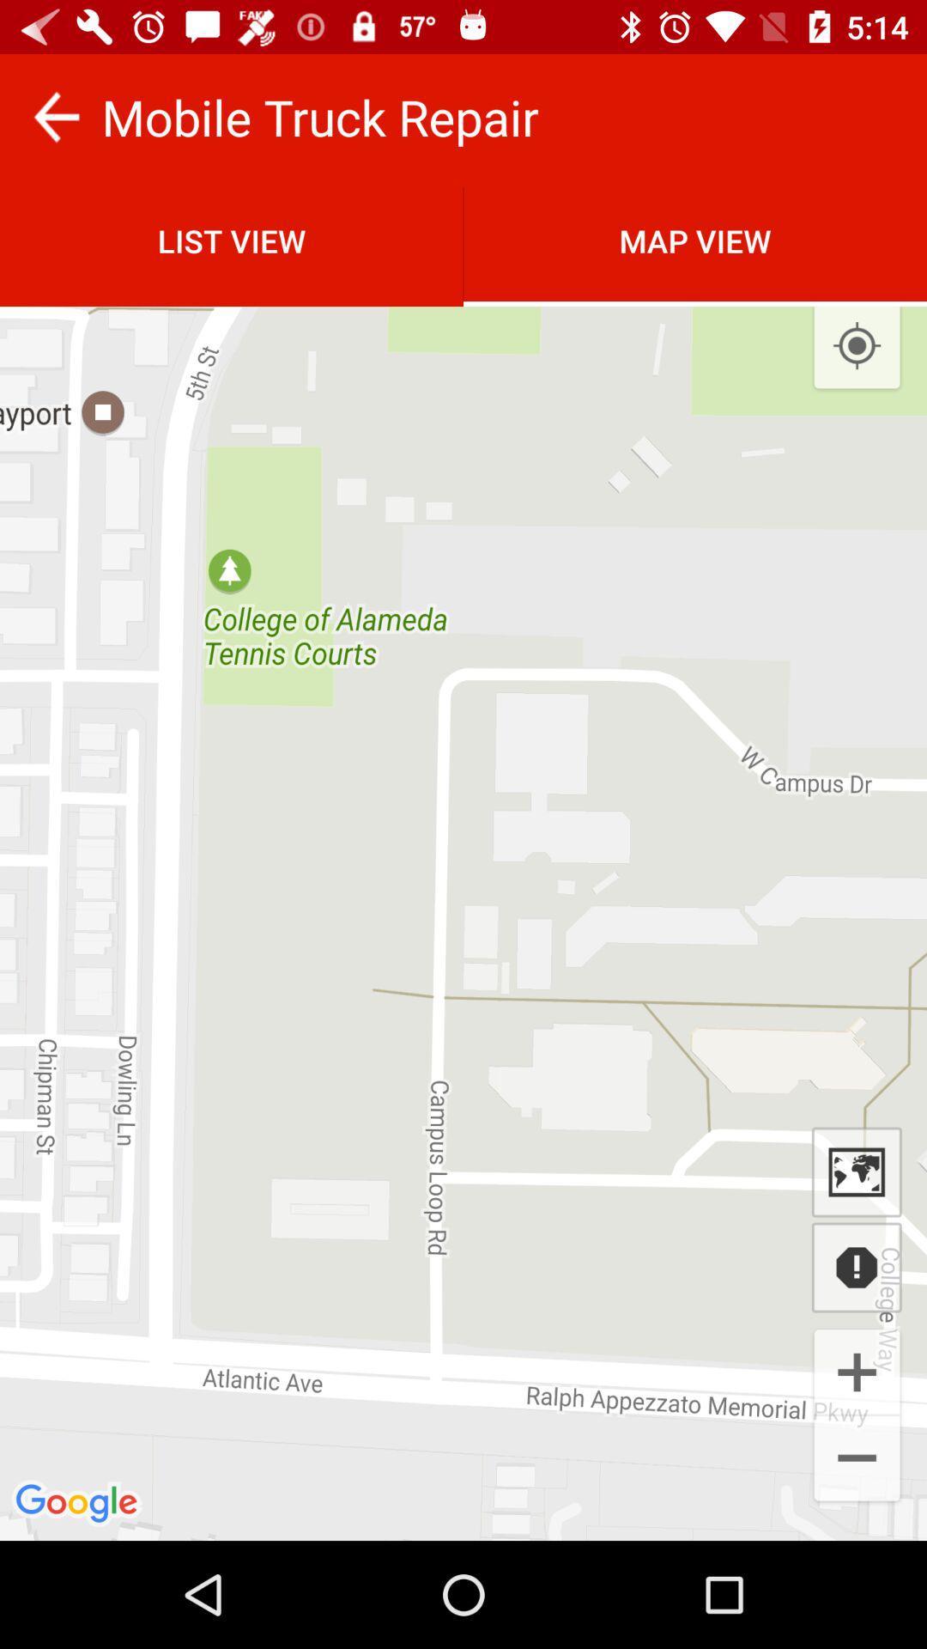 The height and width of the screenshot is (1649, 927). Describe the element at coordinates (695, 240) in the screenshot. I see `item next to list view` at that location.